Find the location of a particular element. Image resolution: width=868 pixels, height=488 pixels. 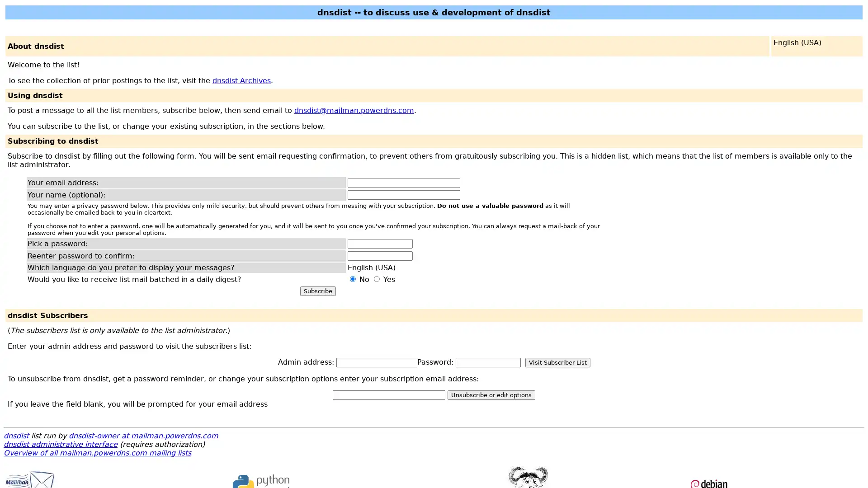

Unsubscribe or edit options is located at coordinates (491, 394).